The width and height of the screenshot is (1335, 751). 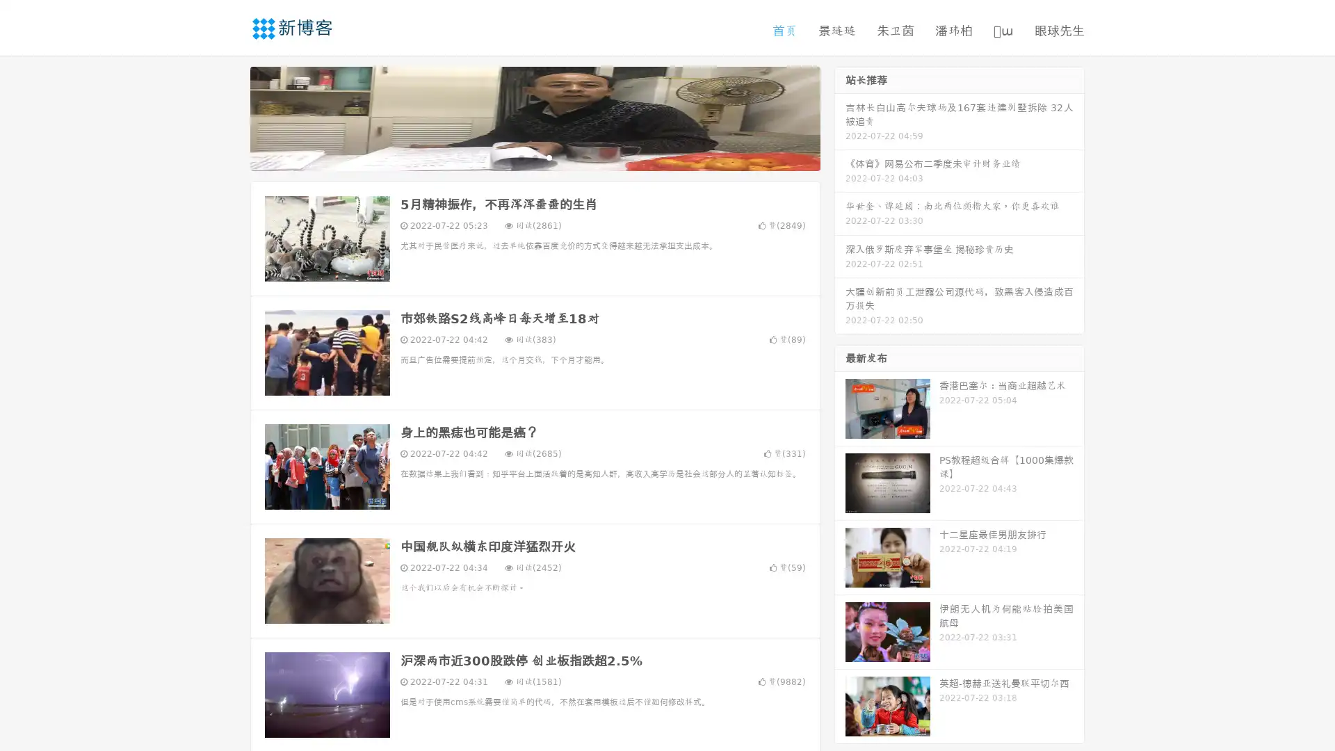 I want to click on Previous slide, so click(x=229, y=117).